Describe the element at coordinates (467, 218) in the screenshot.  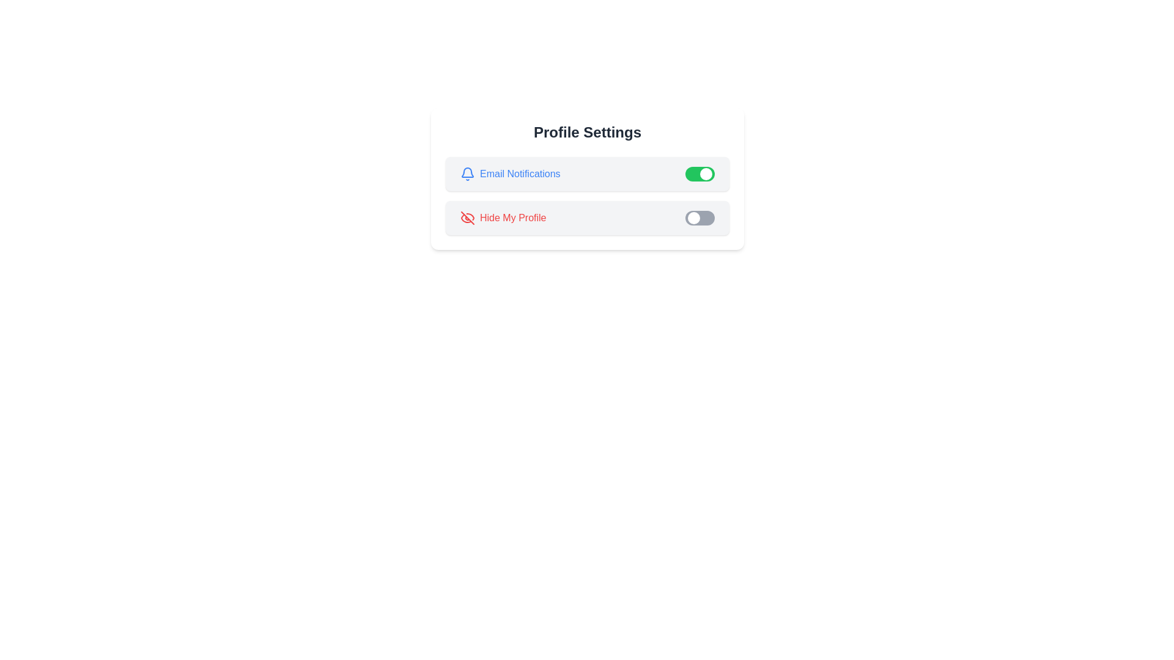
I see `the eye-off icon that symbolizes the action to hide or make the profile private, located before the text 'Hide My Profile'` at that location.